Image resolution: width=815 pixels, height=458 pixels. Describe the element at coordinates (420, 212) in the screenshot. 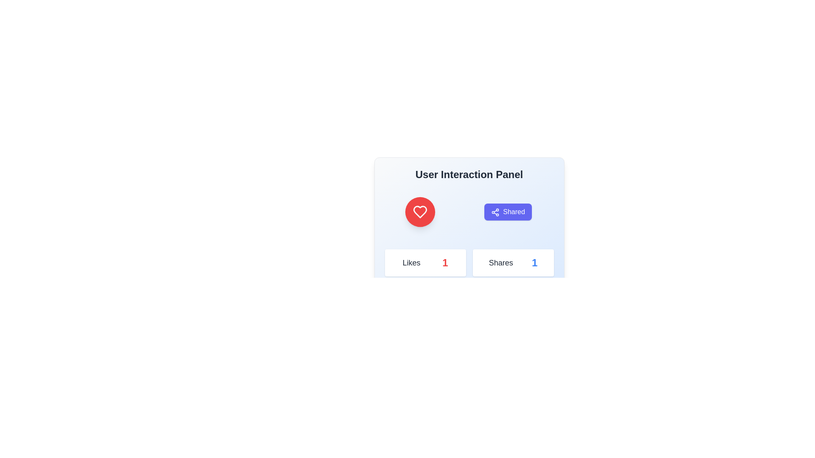

I see `the heart-shaped icon outlined in red located in the top-left corner of the 'User Interaction Panel' to like or favorite` at that location.